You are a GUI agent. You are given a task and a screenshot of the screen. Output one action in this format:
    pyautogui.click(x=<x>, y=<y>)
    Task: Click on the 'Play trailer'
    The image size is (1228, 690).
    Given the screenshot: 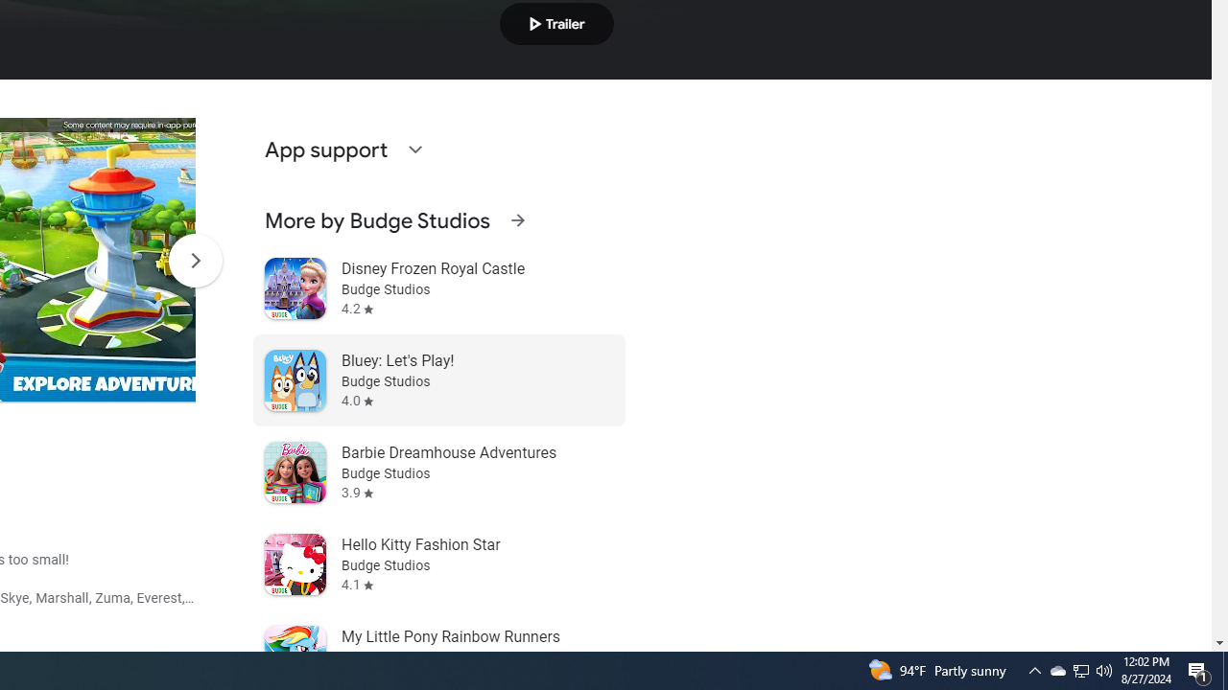 What is the action you would take?
    pyautogui.click(x=555, y=23)
    